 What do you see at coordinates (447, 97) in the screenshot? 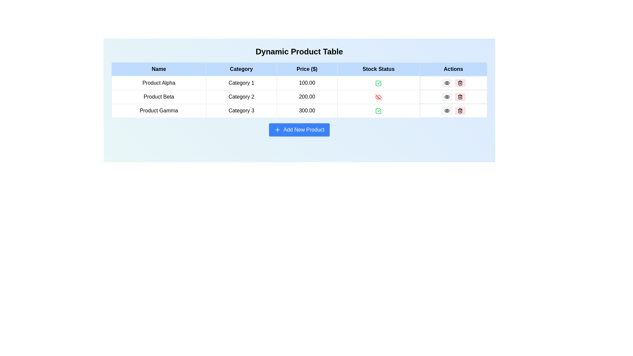
I see `the eye icon in the first row of the 'Actions' column, which indicates visibility functionality` at bounding box center [447, 97].